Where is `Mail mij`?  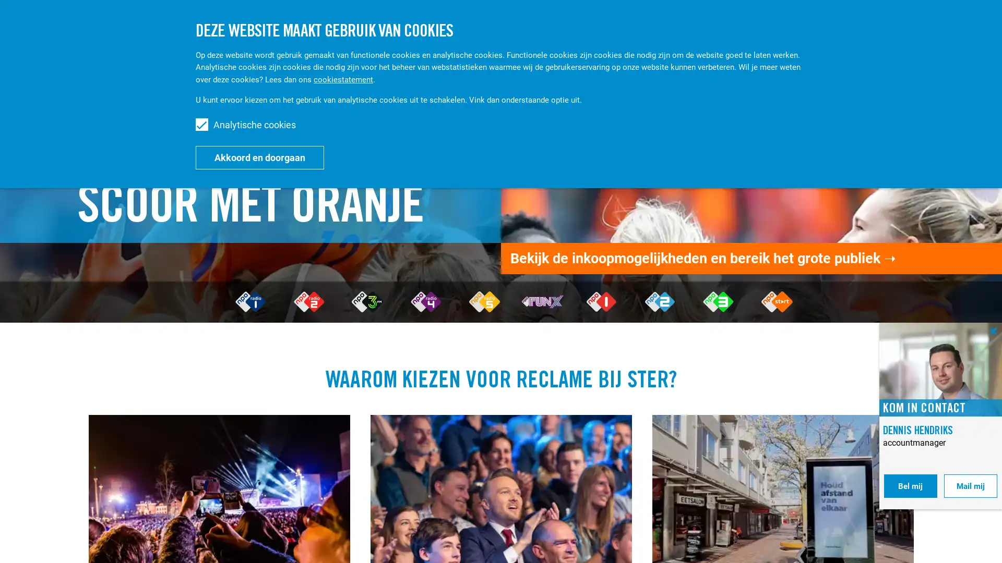
Mail mij is located at coordinates (970, 486).